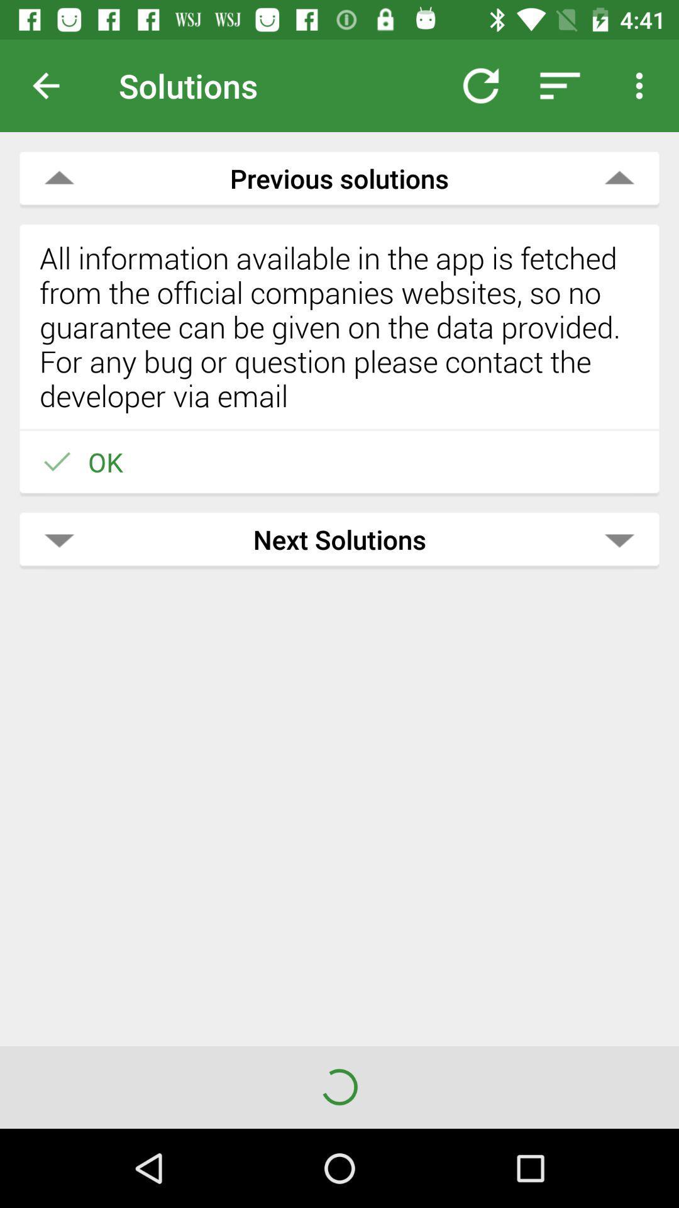 The image size is (679, 1208). Describe the element at coordinates (55, 85) in the screenshot. I see `goto previous page` at that location.